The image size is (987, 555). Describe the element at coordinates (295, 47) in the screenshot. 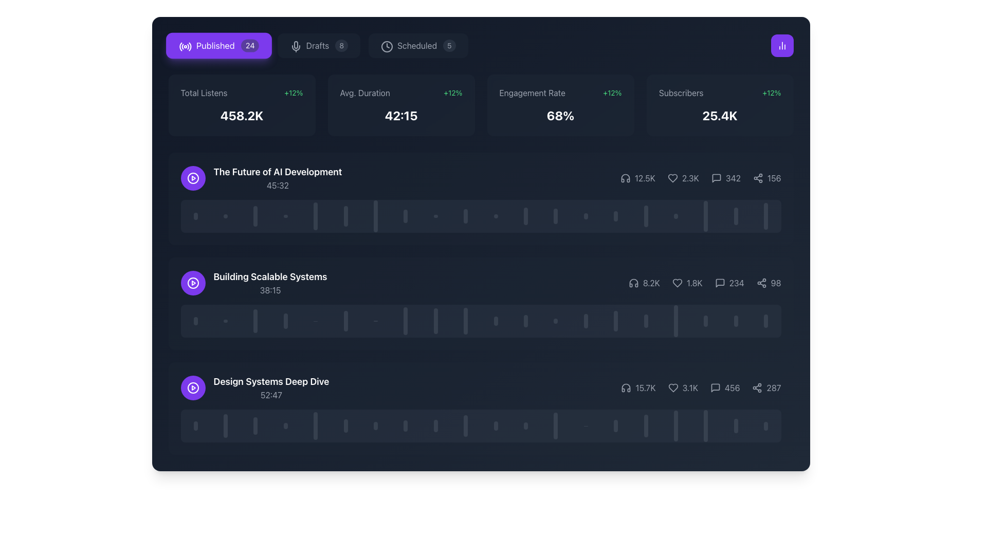

I see `the microphone icon located in the navigation section at the top of the interface, specifically the second navigation button from the left after the 'Published' button` at that location.